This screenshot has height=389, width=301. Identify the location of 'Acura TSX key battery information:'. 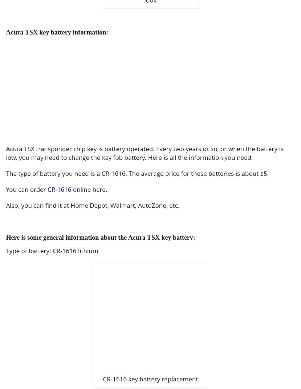
(57, 32).